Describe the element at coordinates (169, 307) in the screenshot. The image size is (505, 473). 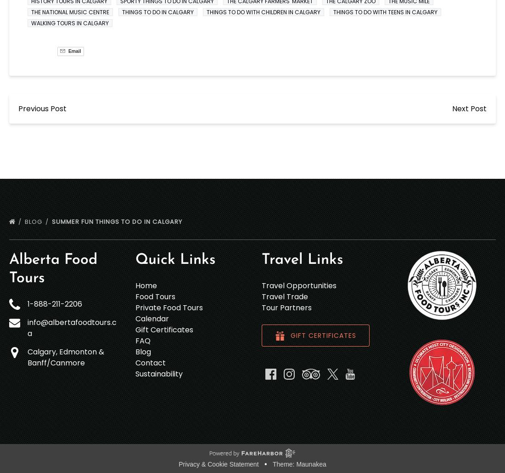
I see `'Private Food Tours'` at that location.